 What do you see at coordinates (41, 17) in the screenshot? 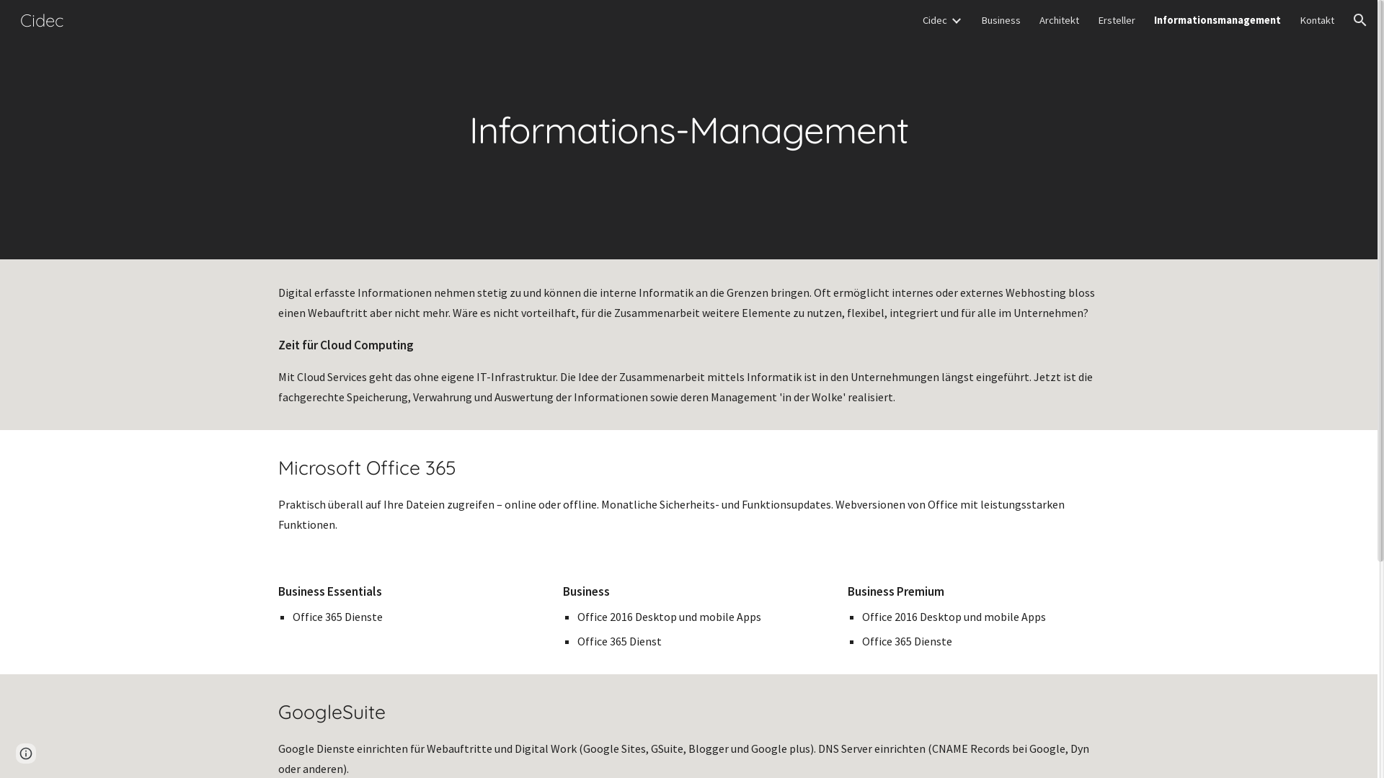
I see `'Cidec'` at bounding box center [41, 17].